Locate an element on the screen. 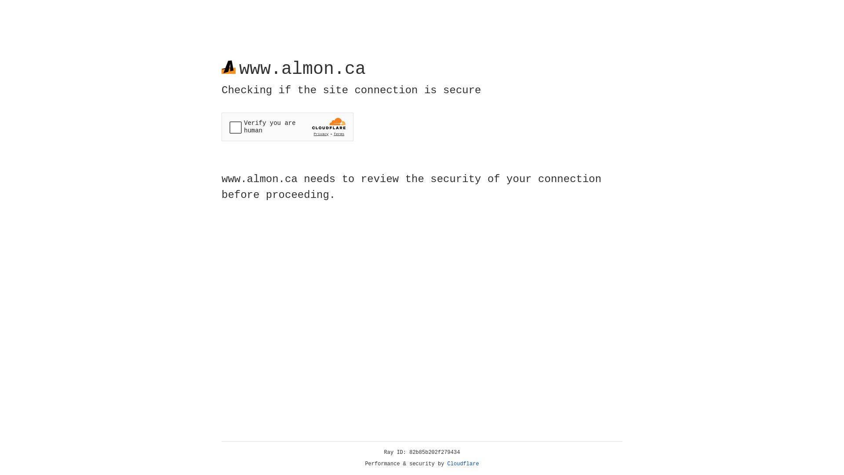 The image size is (844, 475). 'Cloudflare' is located at coordinates (463, 464).